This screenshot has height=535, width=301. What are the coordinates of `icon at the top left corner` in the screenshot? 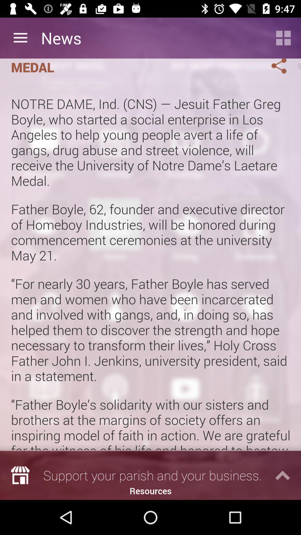 It's located at (20, 38).